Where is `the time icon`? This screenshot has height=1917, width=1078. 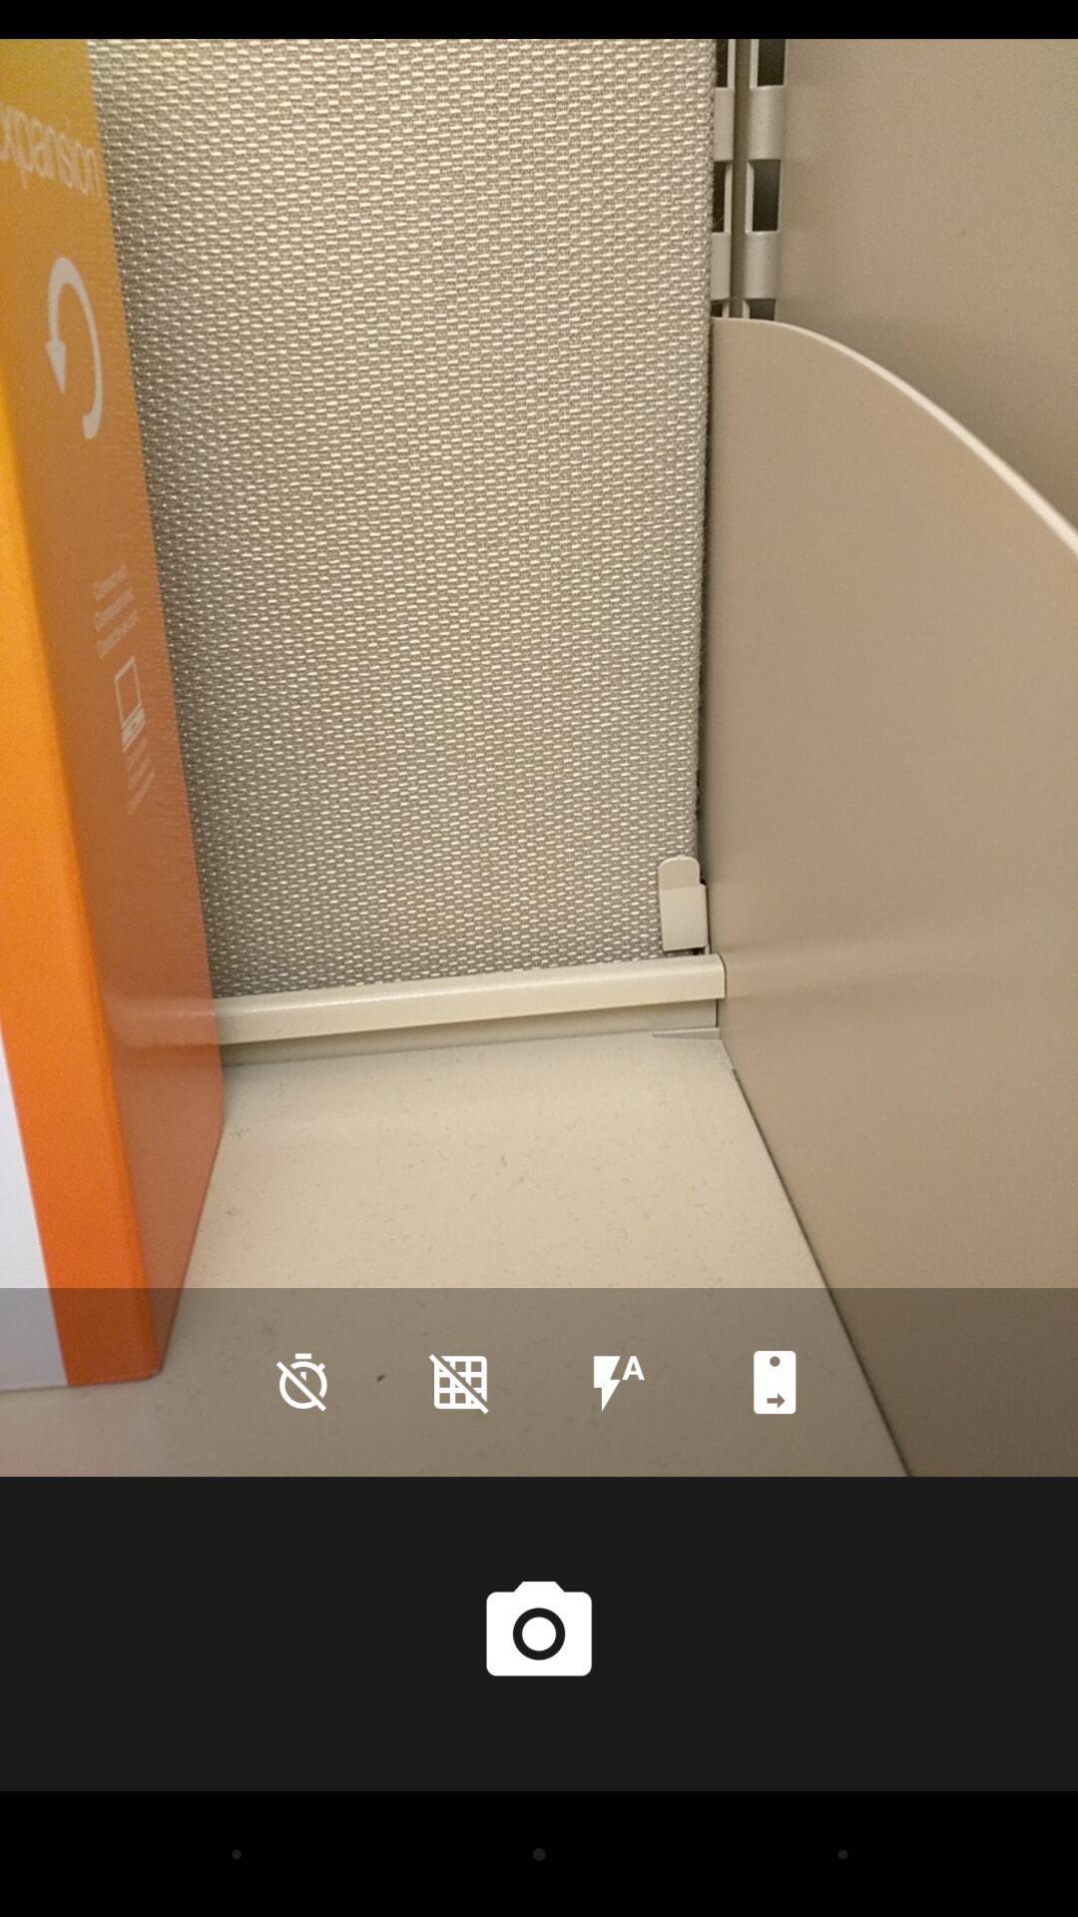 the time icon is located at coordinates (302, 1381).